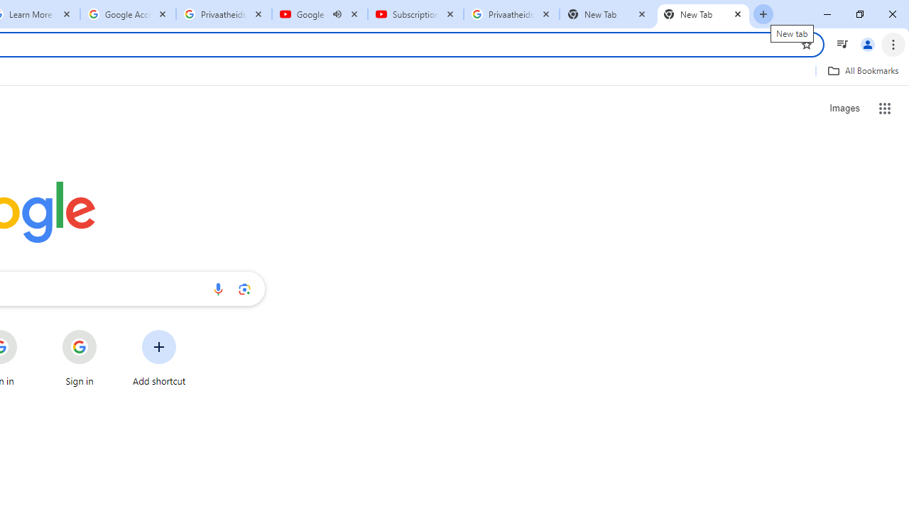  What do you see at coordinates (703, 14) in the screenshot?
I see `'New Tab'` at bounding box center [703, 14].